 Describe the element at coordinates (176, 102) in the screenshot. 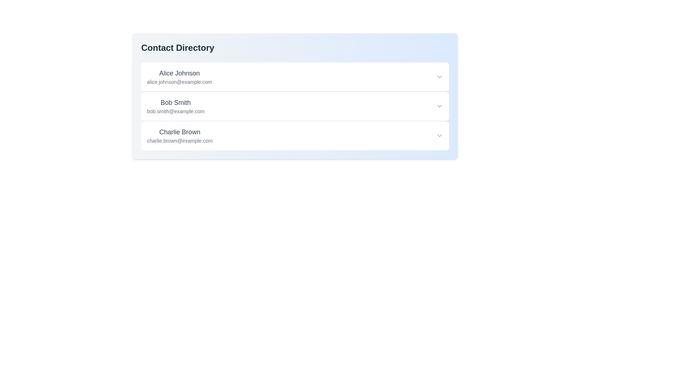

I see `the text label that serves as the heading for the contact information in the second contact card, which identifies the contact's name` at that location.